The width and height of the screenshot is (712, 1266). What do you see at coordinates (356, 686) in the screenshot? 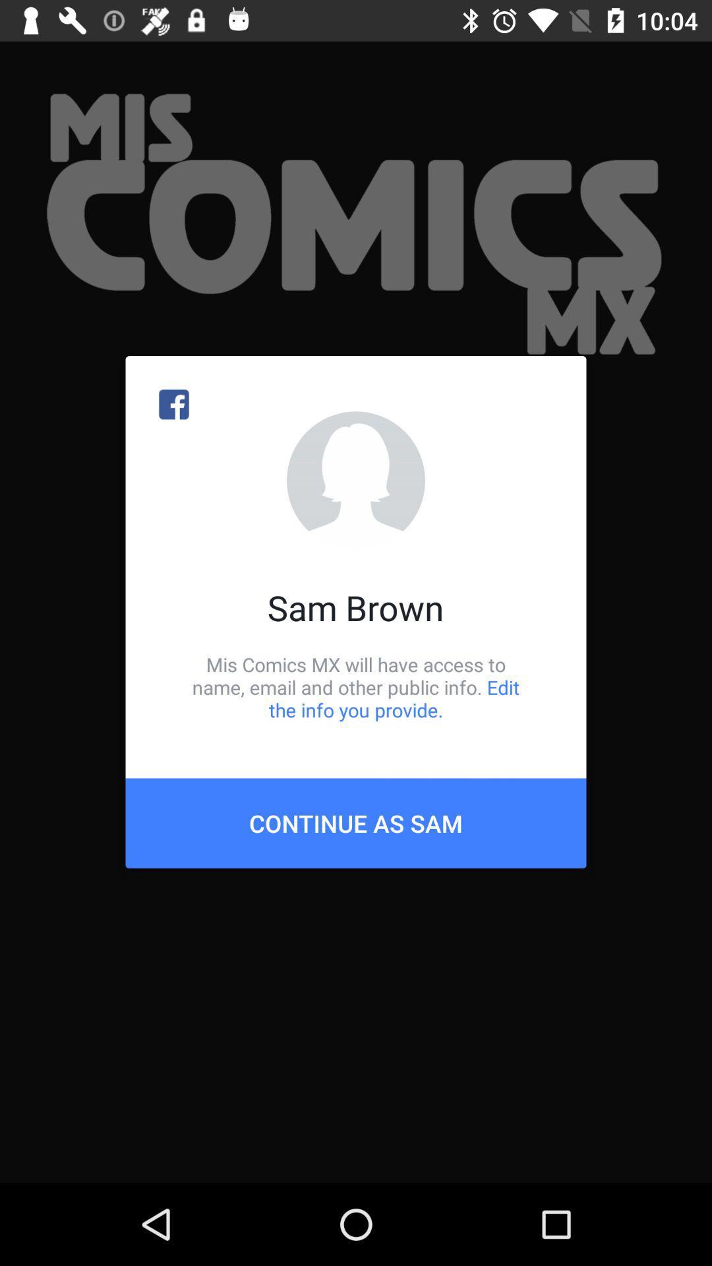
I see `mis comics mx item` at bounding box center [356, 686].